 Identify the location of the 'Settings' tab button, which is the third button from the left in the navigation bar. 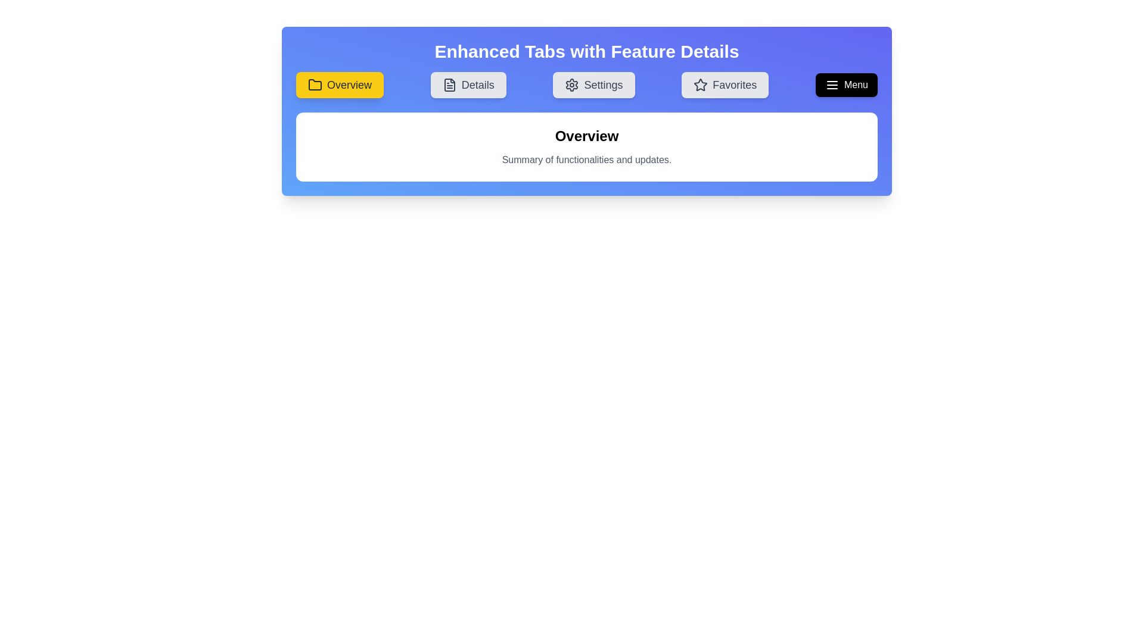
(572, 84).